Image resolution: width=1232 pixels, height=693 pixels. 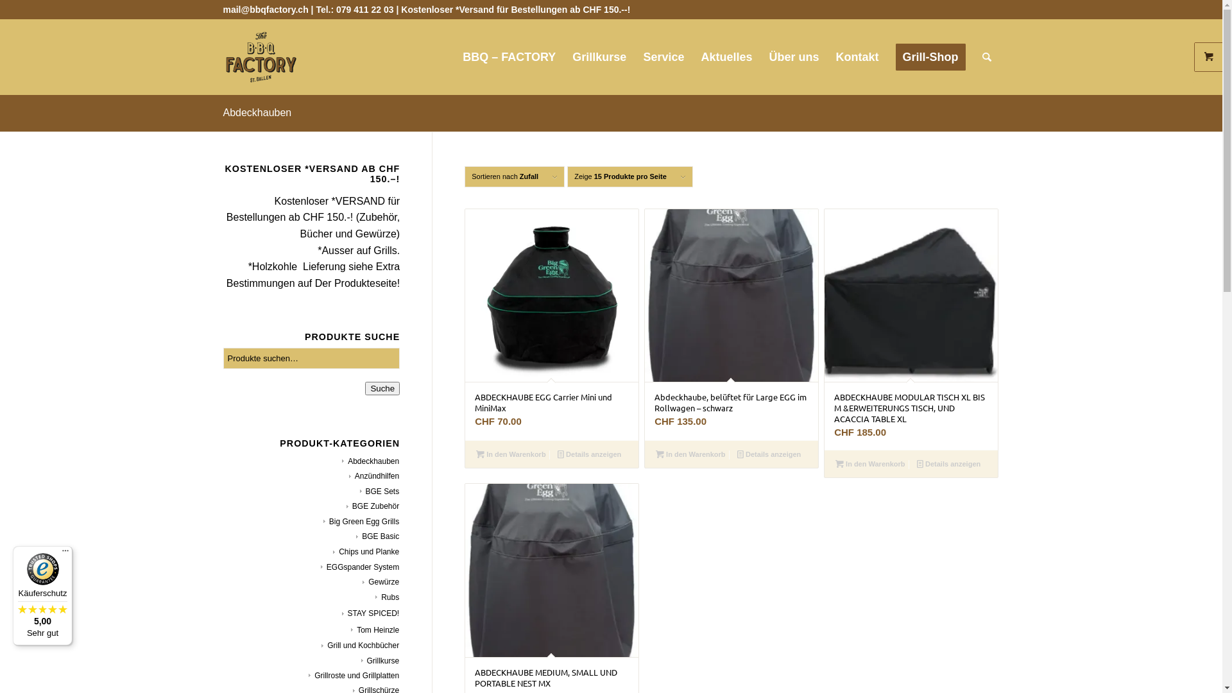 What do you see at coordinates (359, 566) in the screenshot?
I see `'EGGspander System'` at bounding box center [359, 566].